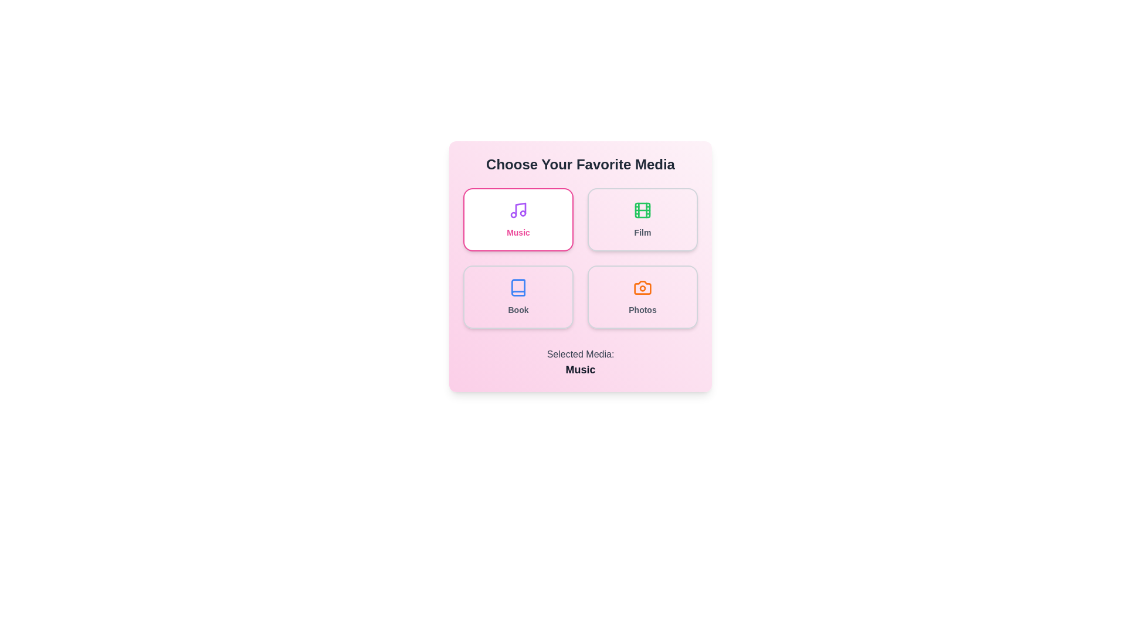 The height and width of the screenshot is (633, 1126). Describe the element at coordinates (642, 219) in the screenshot. I see `the media type Film by clicking its respective button` at that location.